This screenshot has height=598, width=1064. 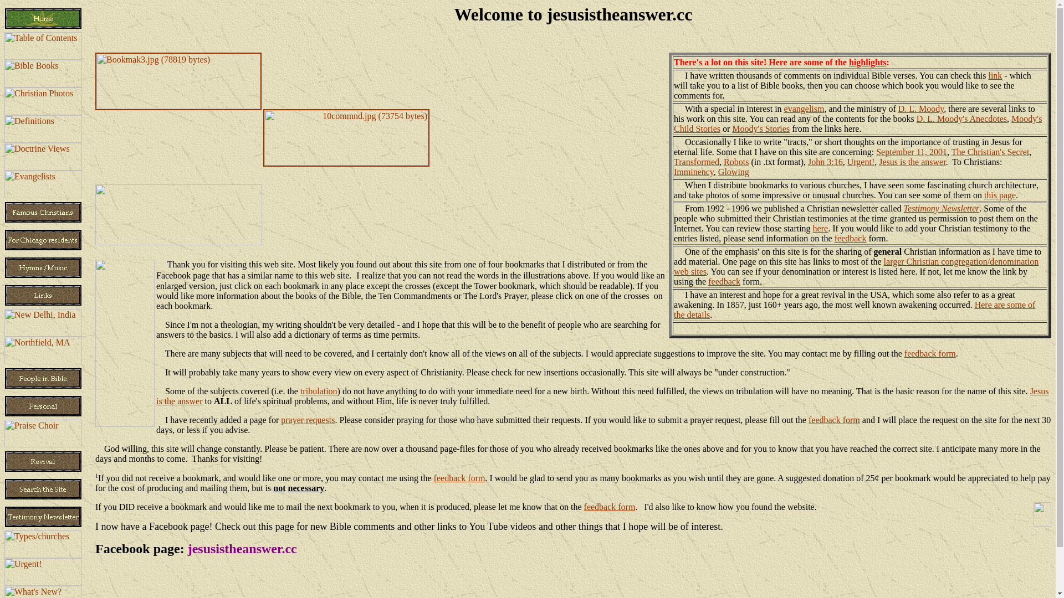 What do you see at coordinates (821, 228) in the screenshot?
I see `'here'` at bounding box center [821, 228].